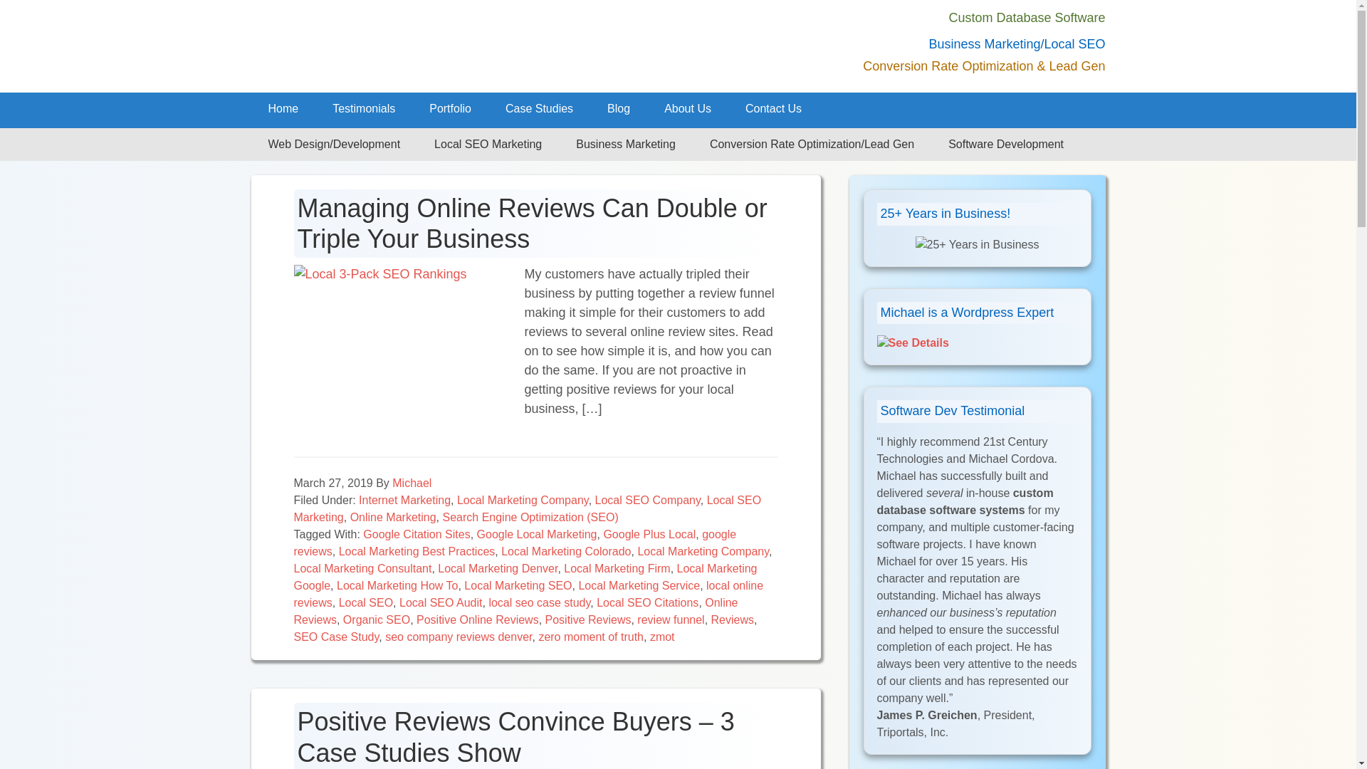 The width and height of the screenshot is (1367, 769). I want to click on 'Home', so click(283, 108).